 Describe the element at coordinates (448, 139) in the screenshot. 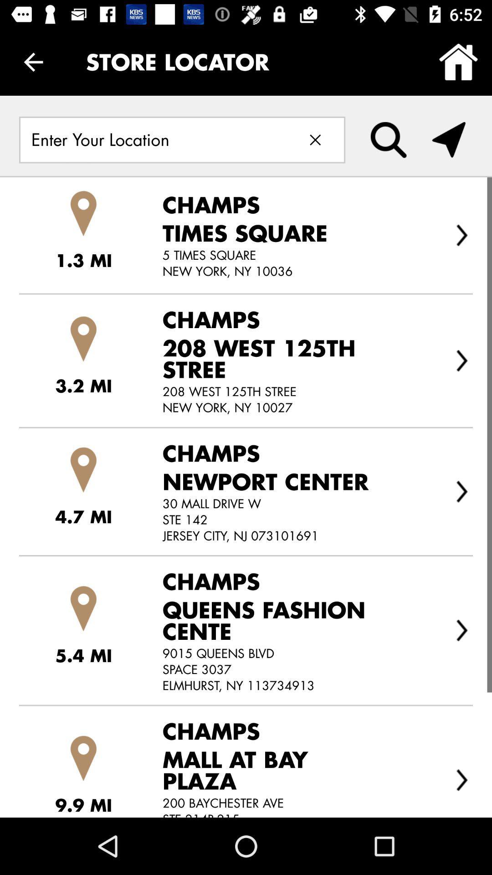

I see `the navigation icon` at that location.